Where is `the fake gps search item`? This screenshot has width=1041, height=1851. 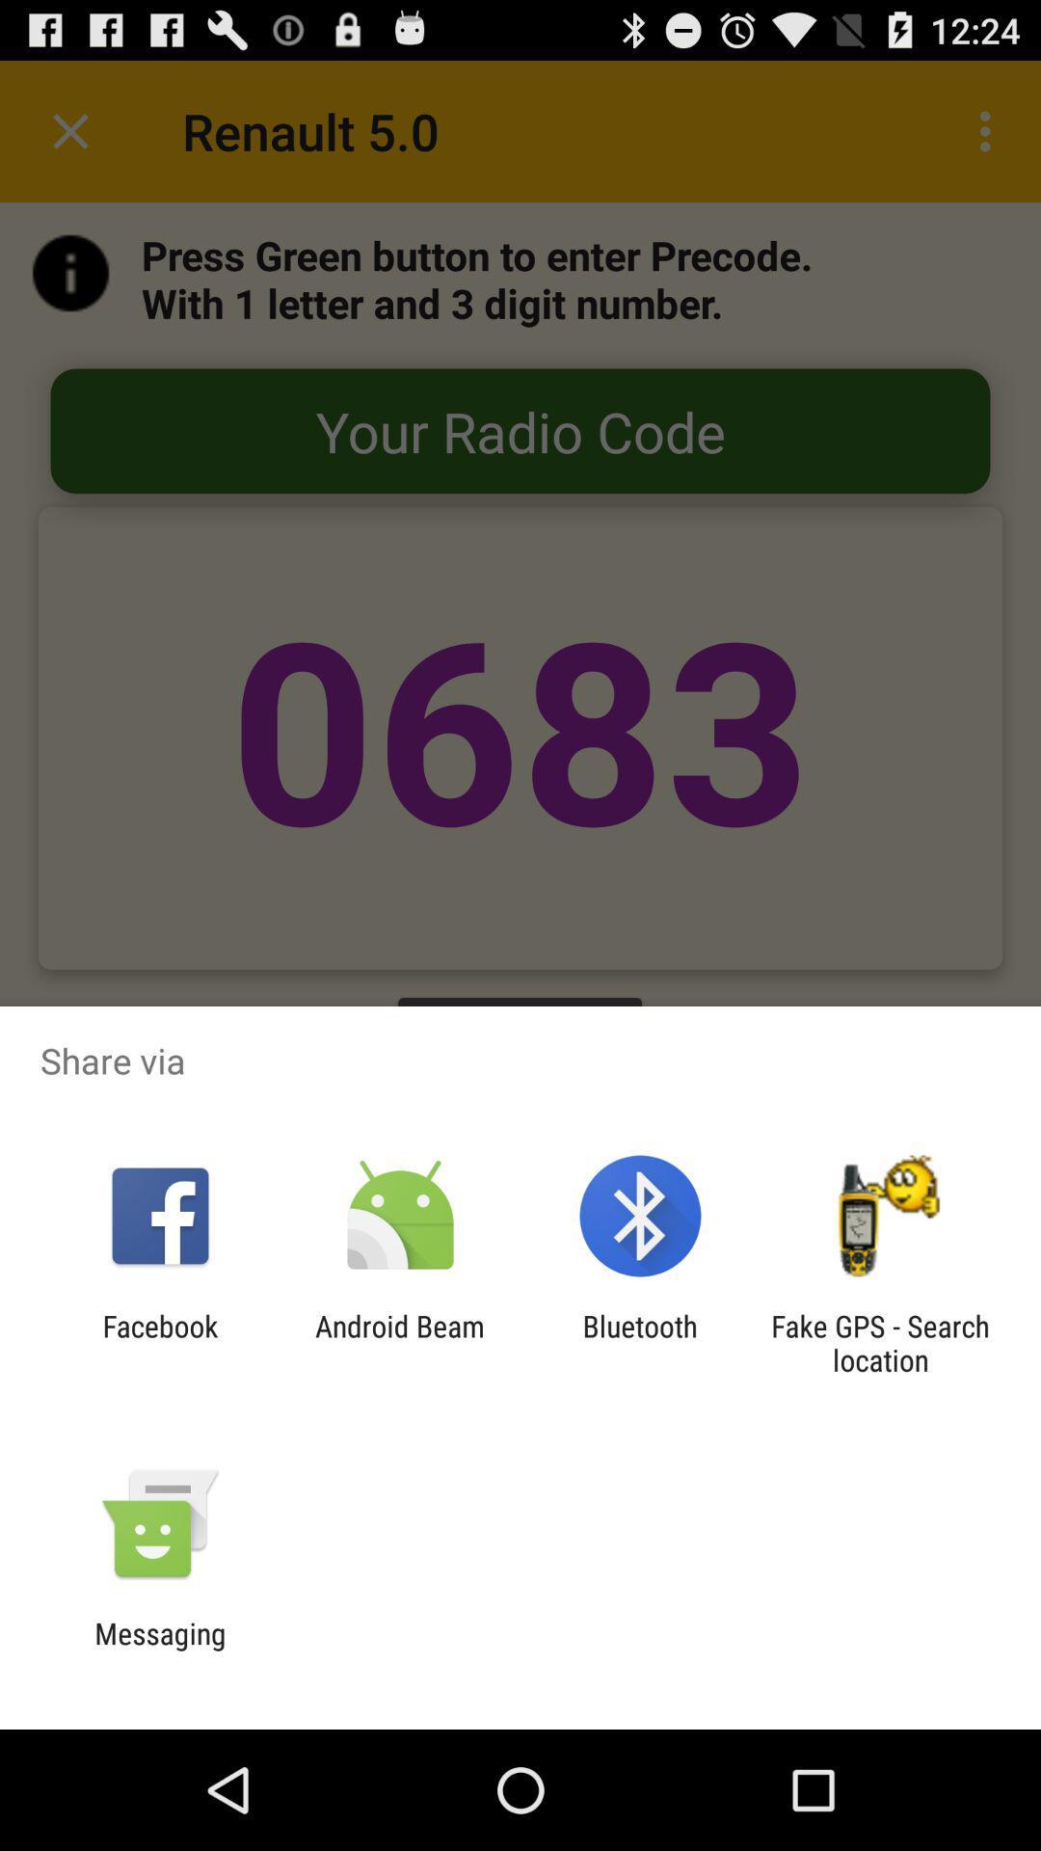 the fake gps search item is located at coordinates (880, 1342).